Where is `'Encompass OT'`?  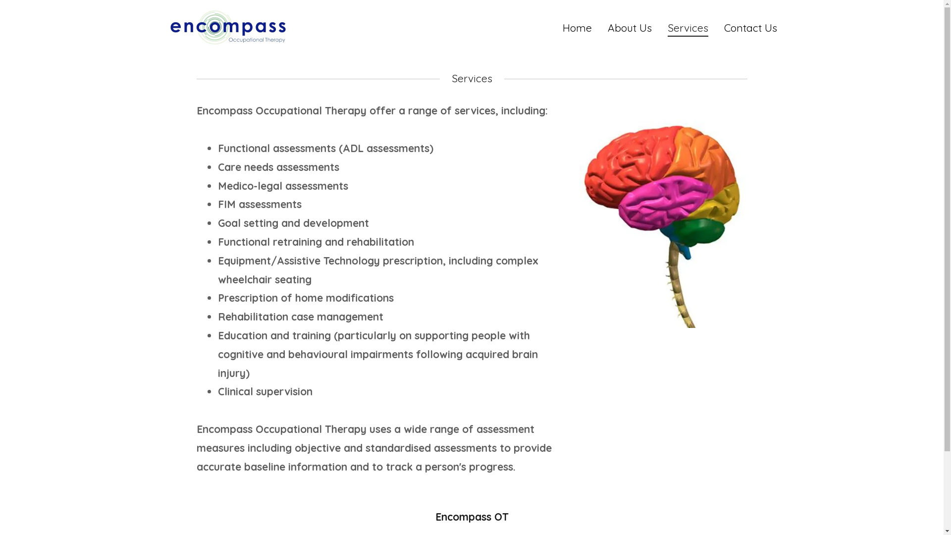
'Encompass OT' is located at coordinates (226, 26).